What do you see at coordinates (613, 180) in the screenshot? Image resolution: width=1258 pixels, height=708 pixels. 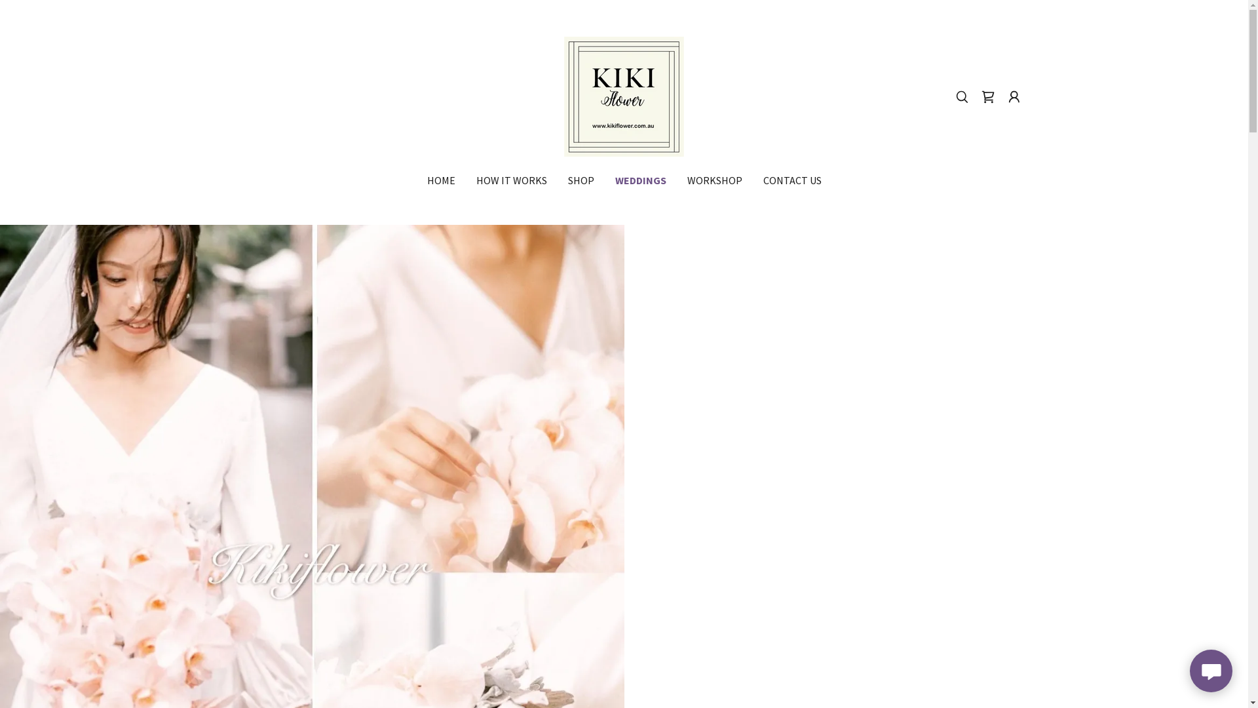 I see `'WEDDINGS'` at bounding box center [613, 180].